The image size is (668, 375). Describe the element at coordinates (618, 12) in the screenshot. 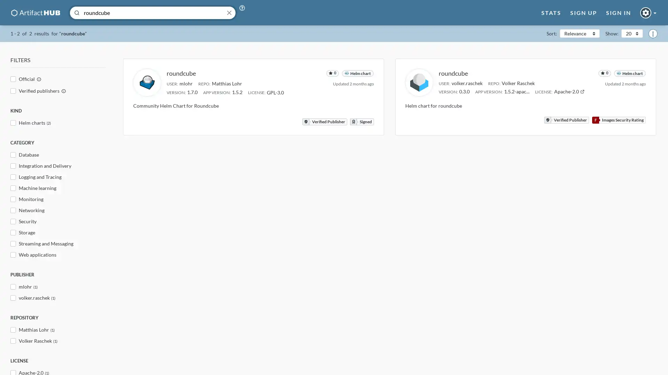

I see `Open sign in modal` at that location.